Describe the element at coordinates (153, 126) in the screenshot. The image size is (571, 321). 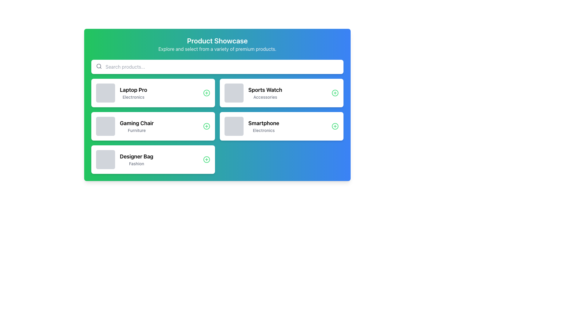
I see `the 'Gaming Chair' product card located in the middle row of the main product listing grid` at that location.